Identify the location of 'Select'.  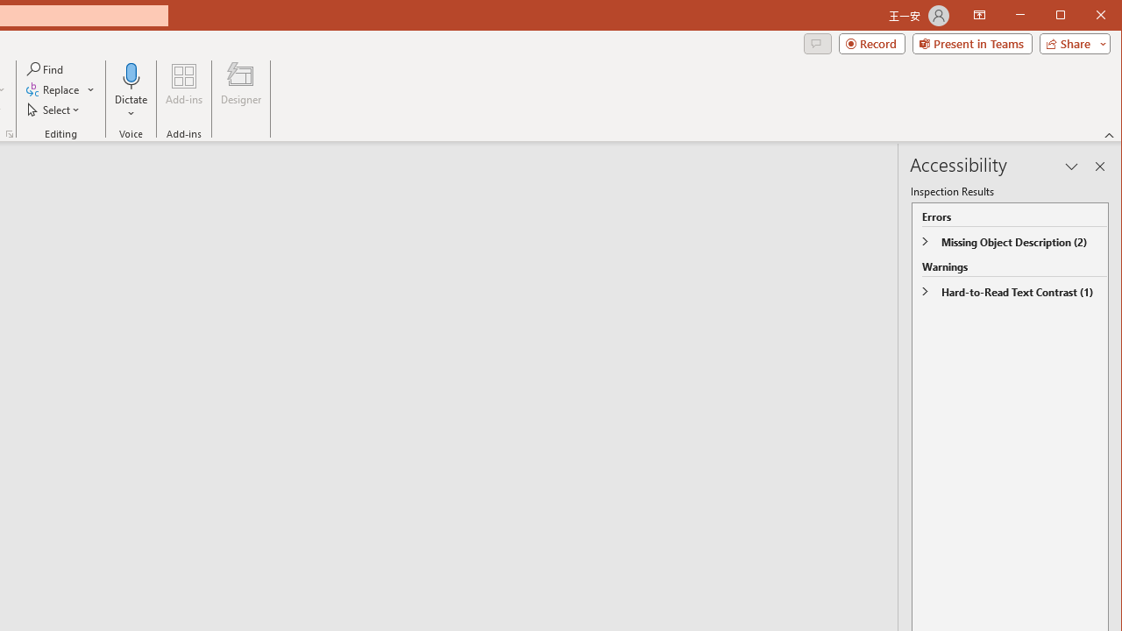
(54, 110).